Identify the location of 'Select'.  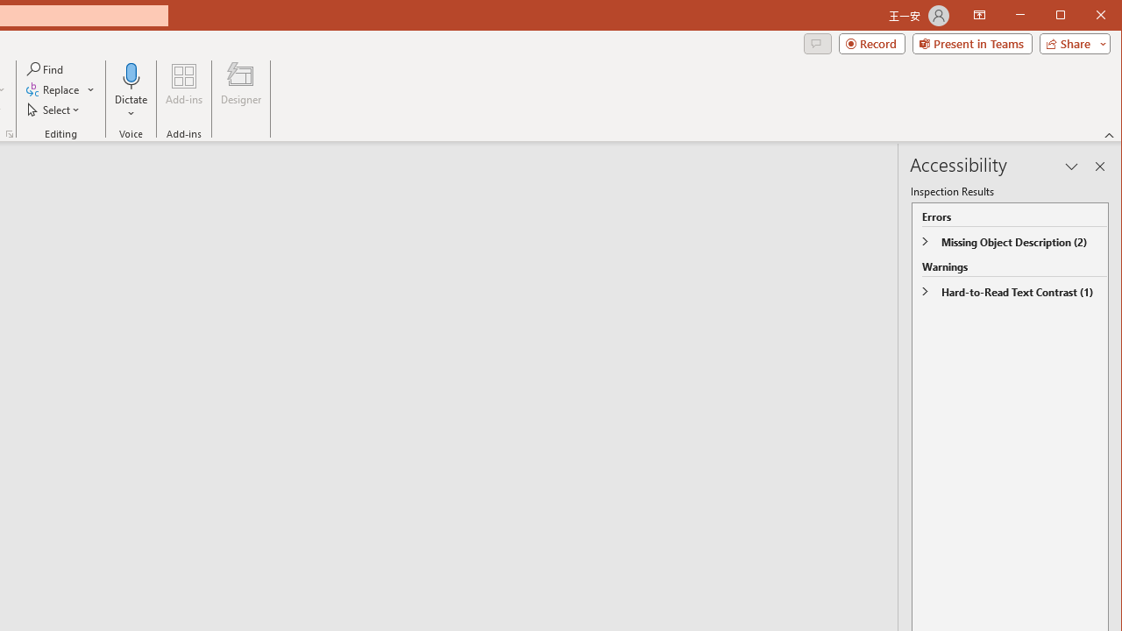
(54, 110).